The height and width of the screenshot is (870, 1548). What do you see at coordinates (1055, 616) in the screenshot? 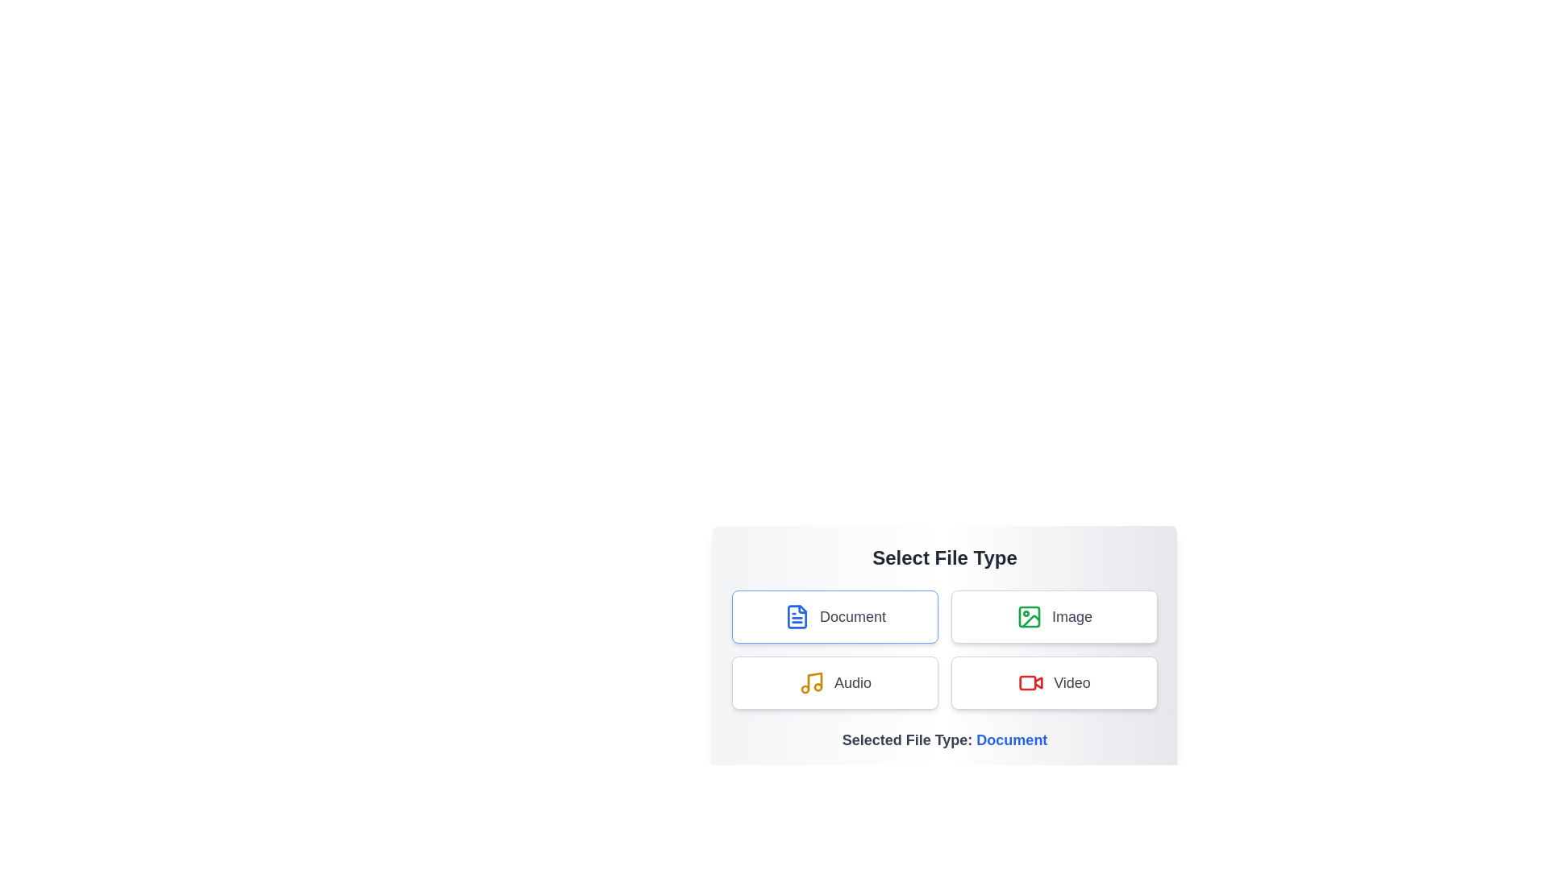
I see `the 'Image' button located in the top-right quadrant of the grid, to the right of the 'Document' button and above the 'Video' button` at bounding box center [1055, 616].